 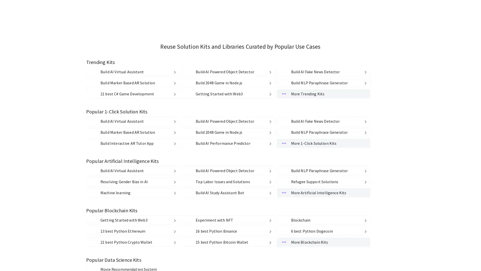 What do you see at coordinates (175, 198) in the screenshot?
I see `delete` at bounding box center [175, 198].